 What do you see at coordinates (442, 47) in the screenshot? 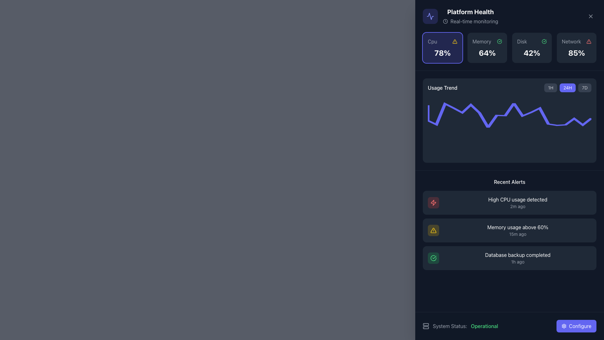
I see `the informational card displaying the current CPU usage percentage, which is the first item in the grid layout of monitoring dashboard cards` at bounding box center [442, 47].